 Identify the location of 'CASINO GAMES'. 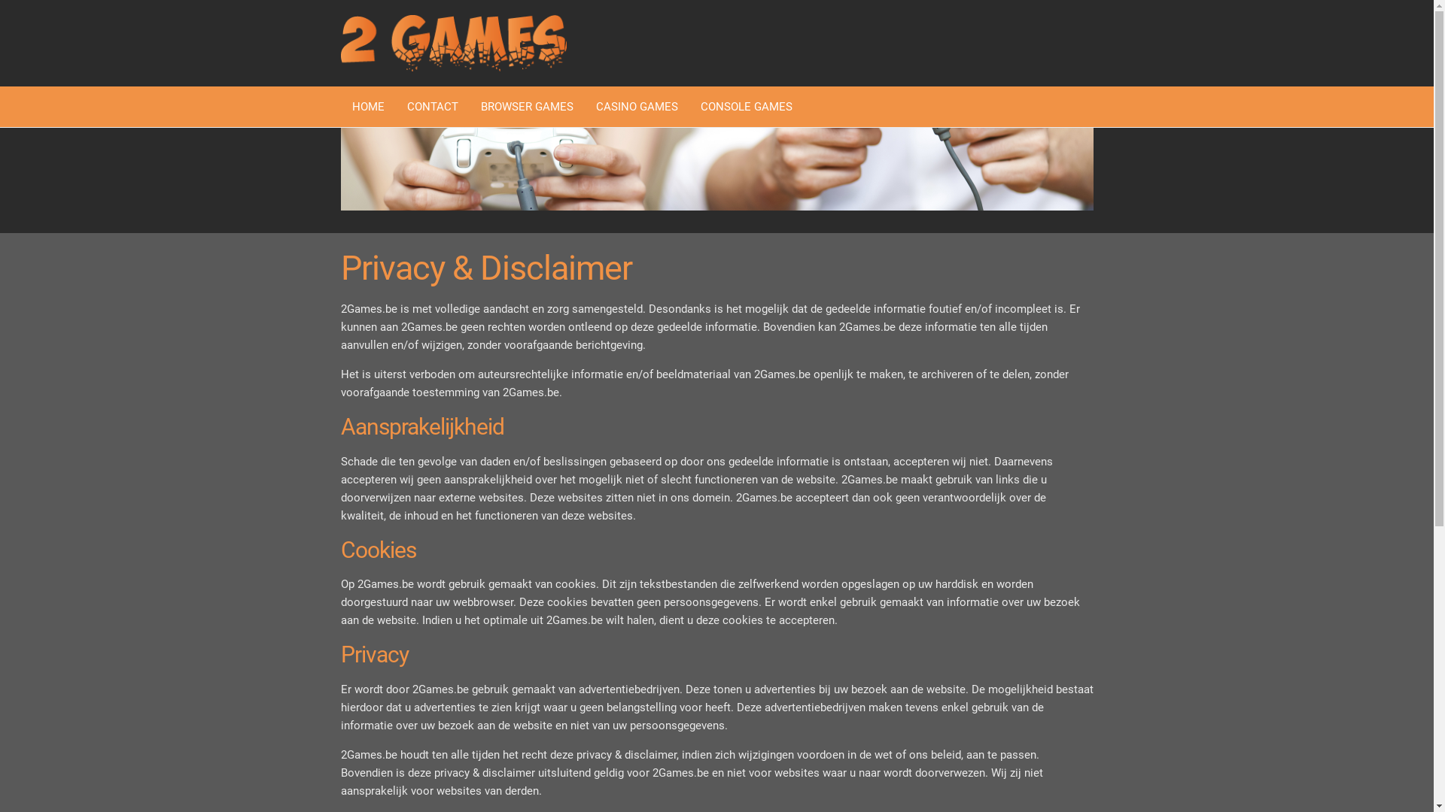
(636, 106).